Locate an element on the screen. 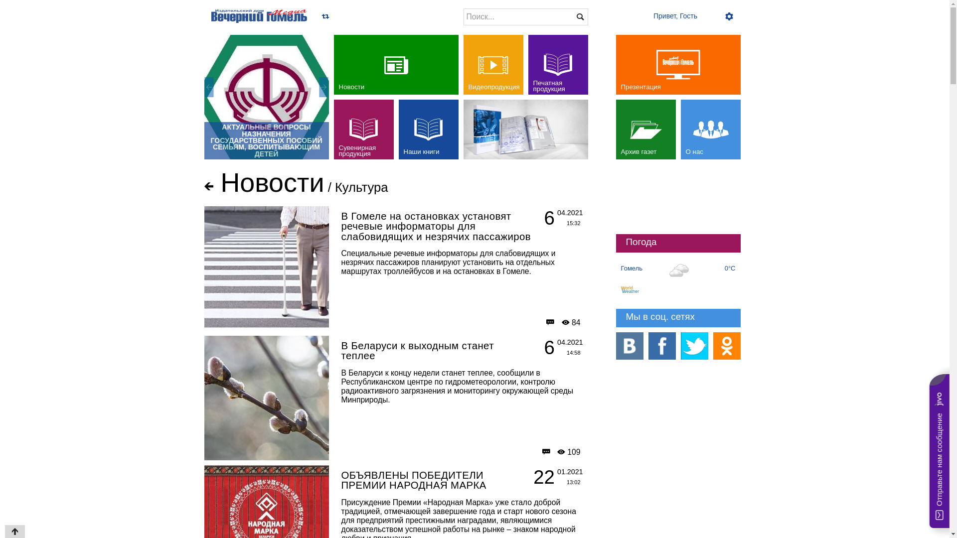  '14:58 is located at coordinates (552, 347).